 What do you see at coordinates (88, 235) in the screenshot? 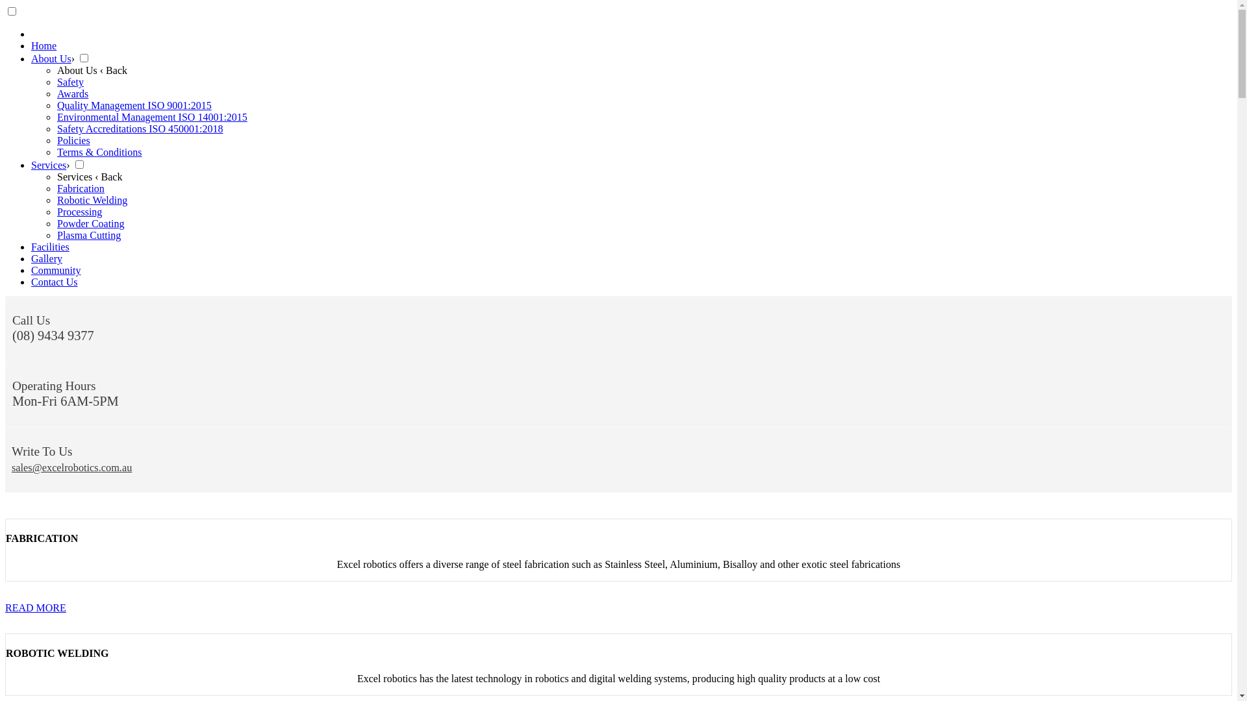
I see `'Plasma Cutting'` at bounding box center [88, 235].